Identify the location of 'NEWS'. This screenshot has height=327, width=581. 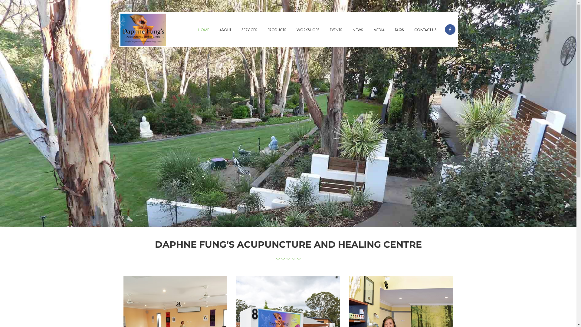
(358, 30).